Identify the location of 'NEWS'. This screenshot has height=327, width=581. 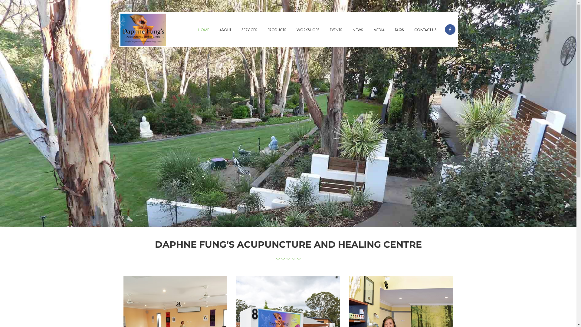
(358, 30).